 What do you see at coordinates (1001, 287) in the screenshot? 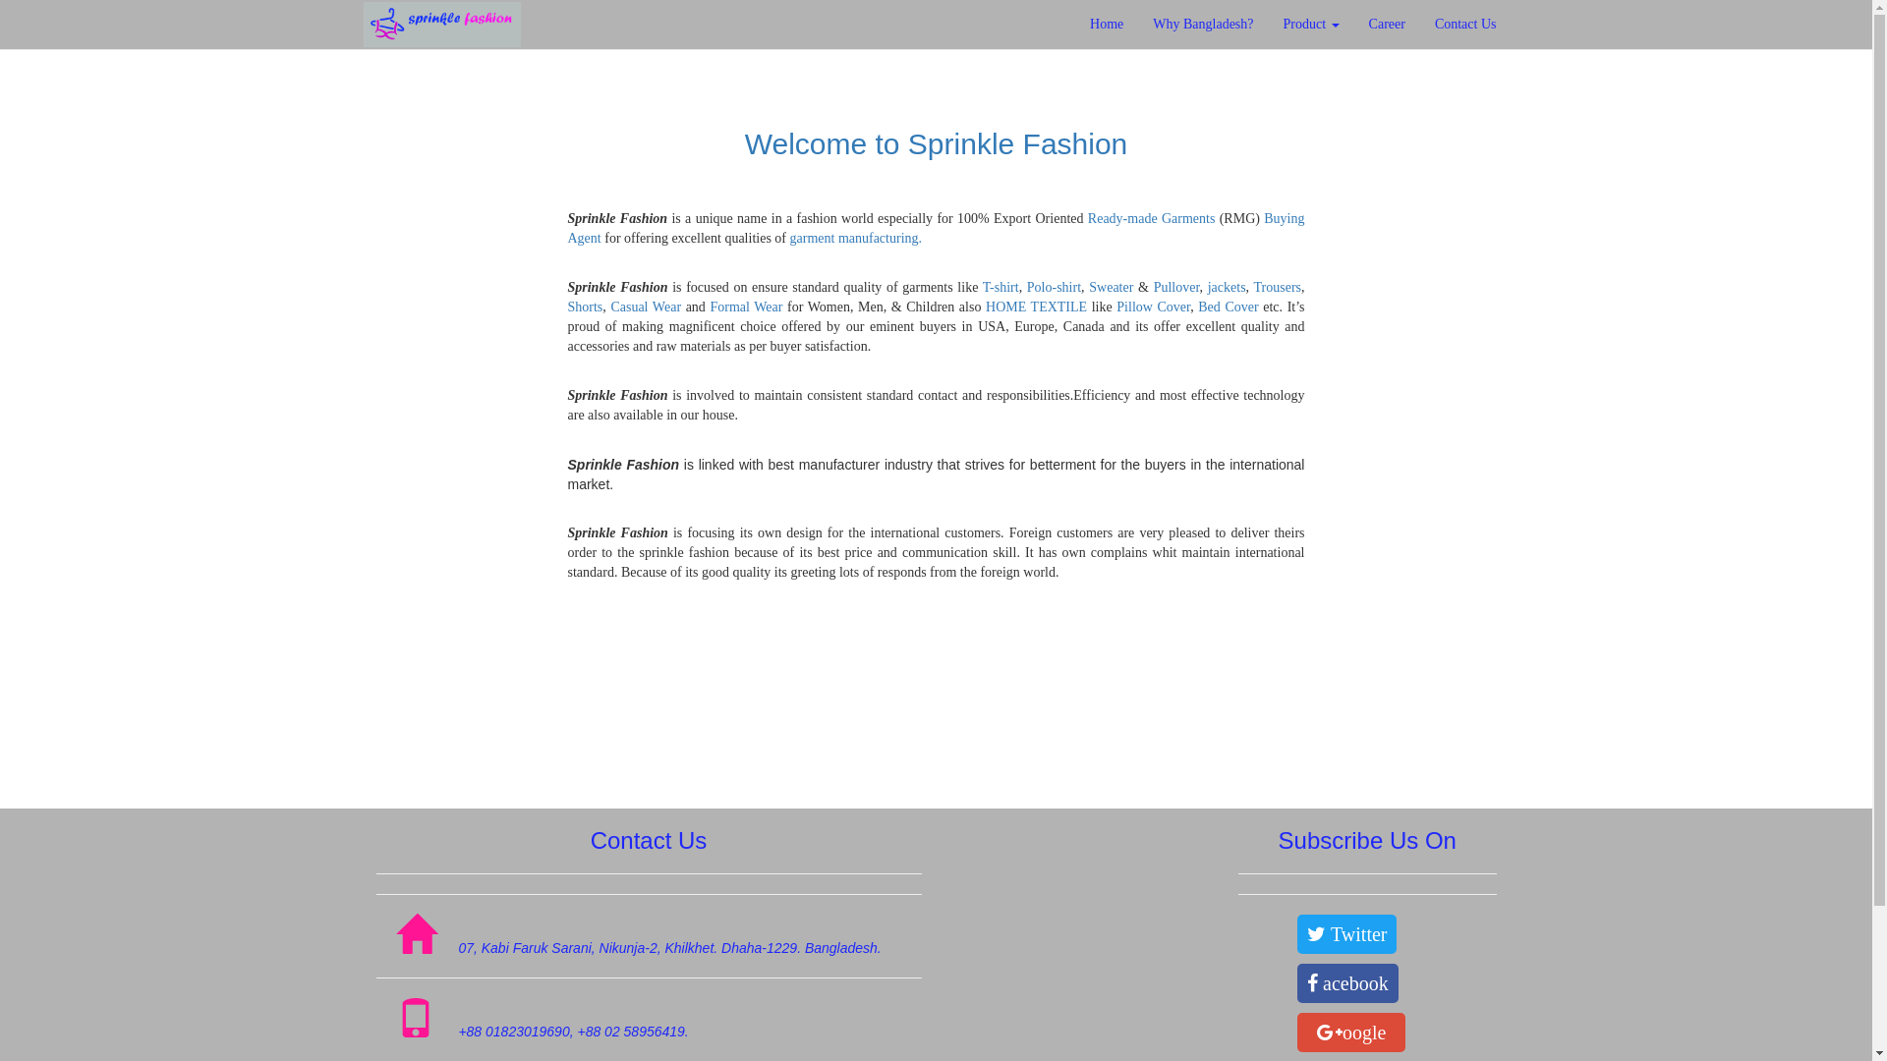
I see `'T-shirt'` at bounding box center [1001, 287].